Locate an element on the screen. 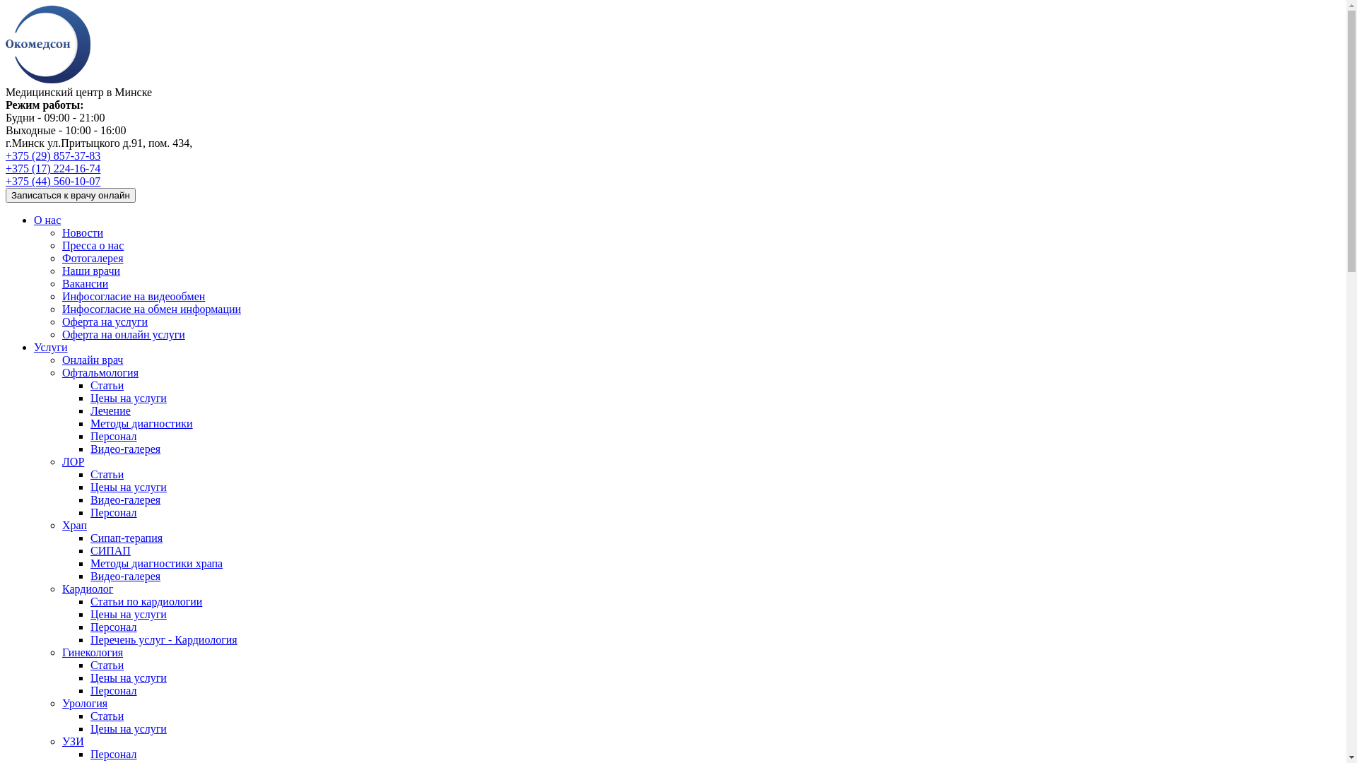 The width and height of the screenshot is (1357, 763). '+375 (29) 857-37-83' is located at coordinates (53, 155).